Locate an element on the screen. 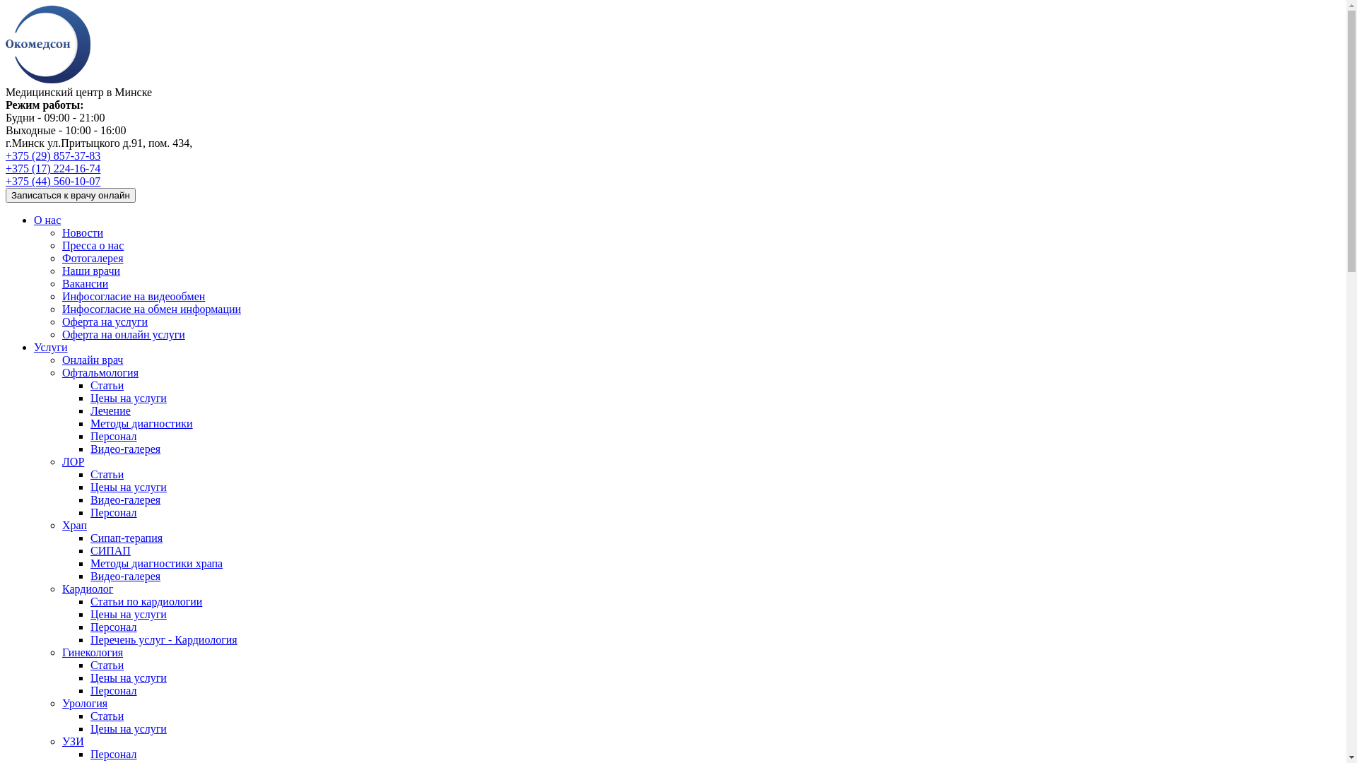 The width and height of the screenshot is (1357, 763). '+375 (29) 857-37-83' is located at coordinates (53, 155).